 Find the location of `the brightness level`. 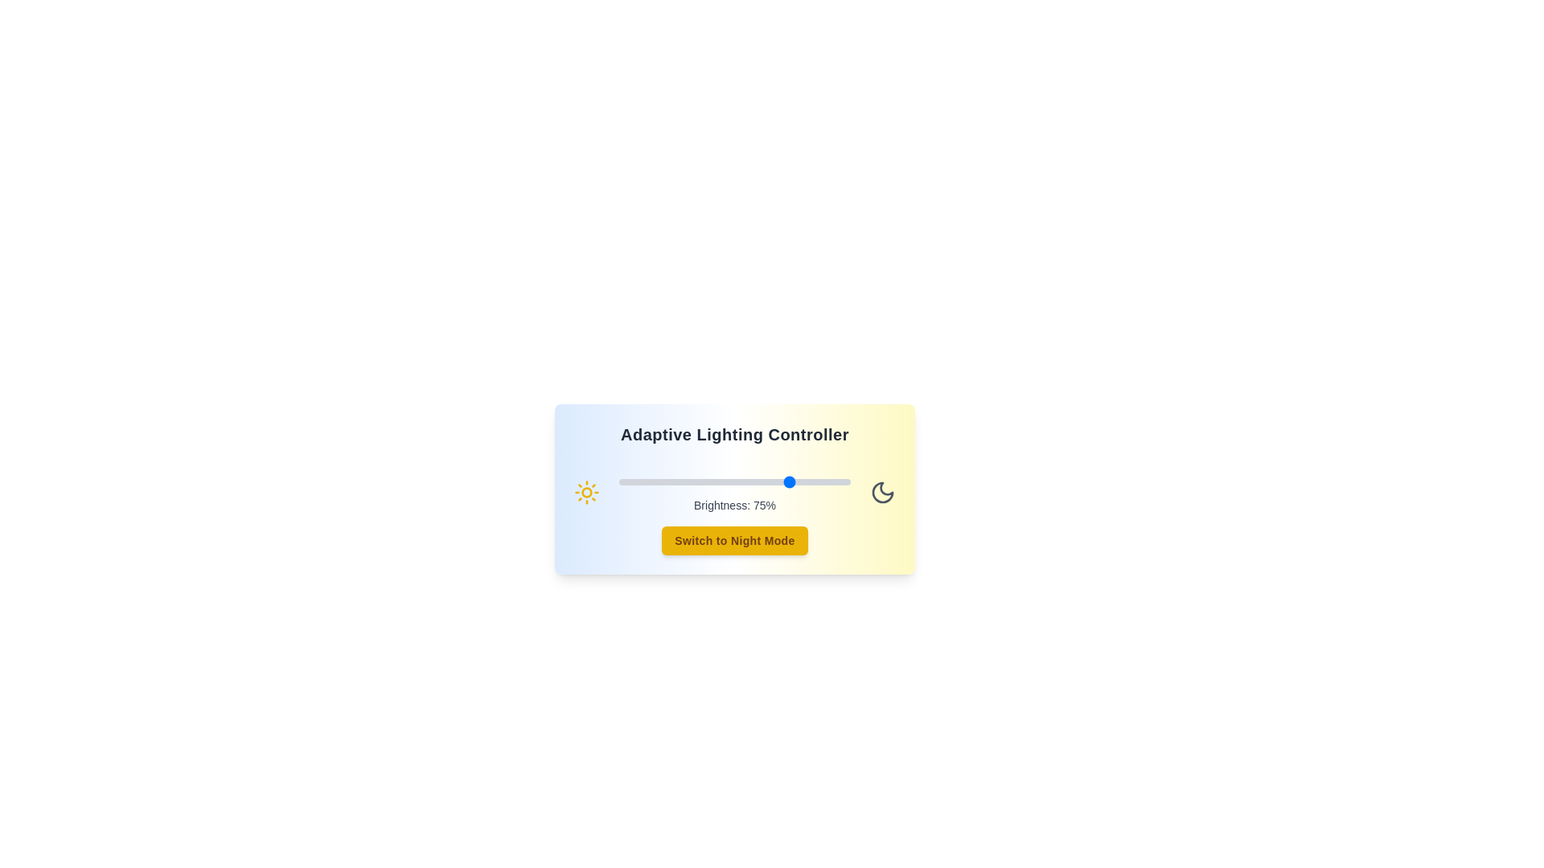

the brightness level is located at coordinates (632, 481).